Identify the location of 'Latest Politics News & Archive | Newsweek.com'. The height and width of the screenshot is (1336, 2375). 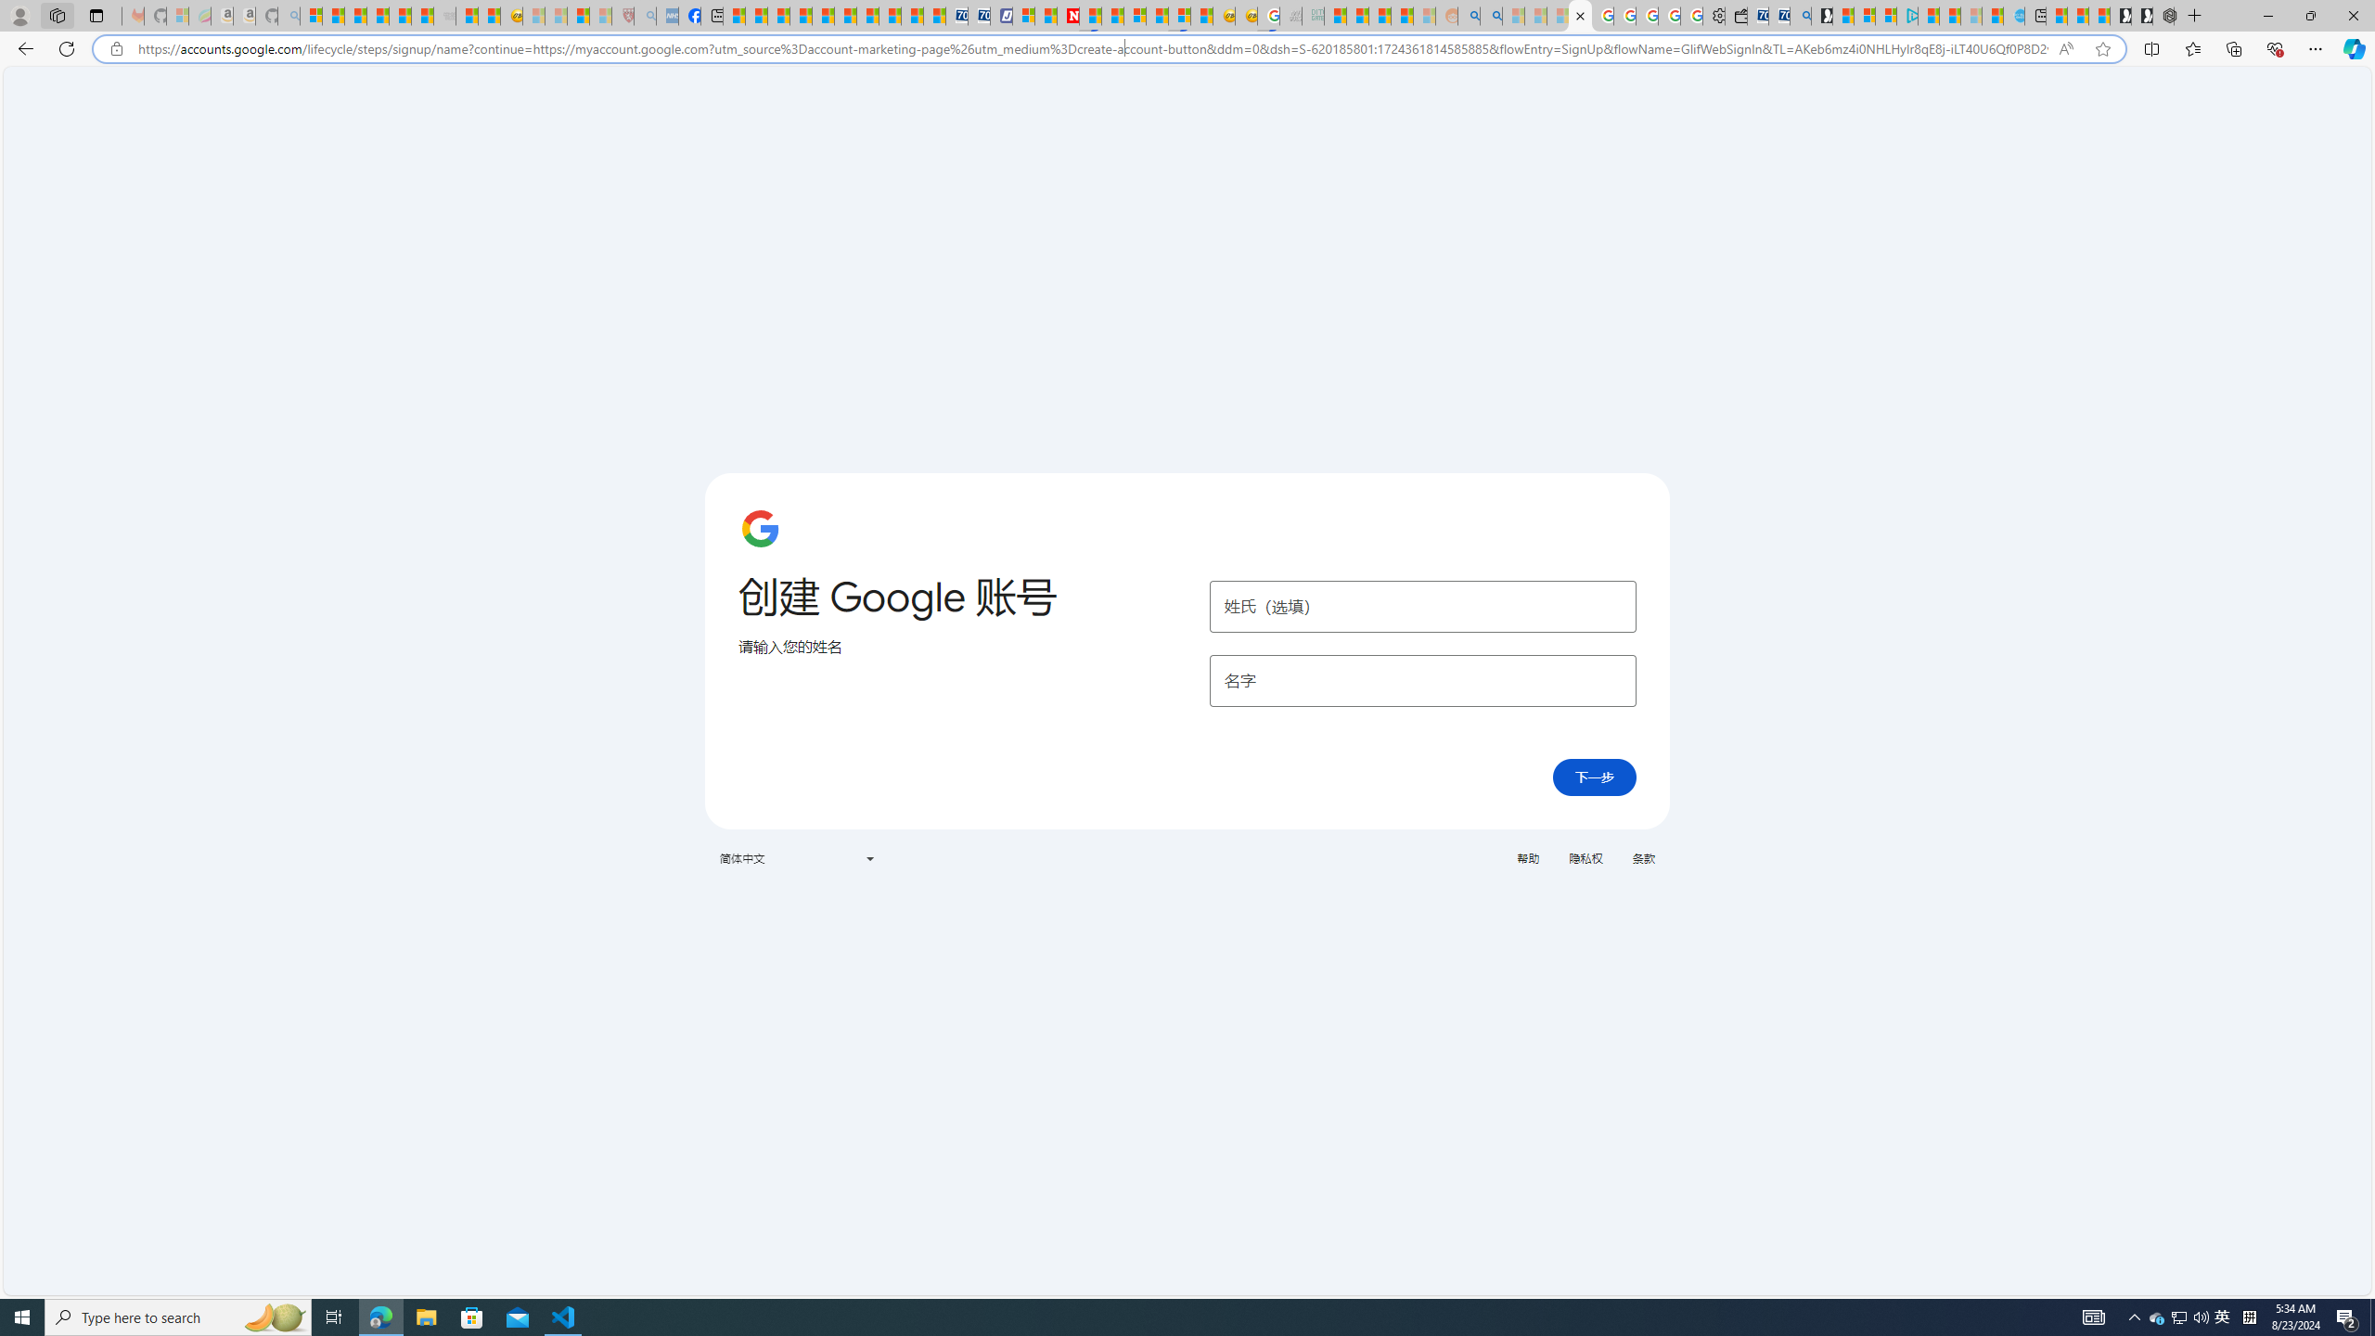
(1068, 15).